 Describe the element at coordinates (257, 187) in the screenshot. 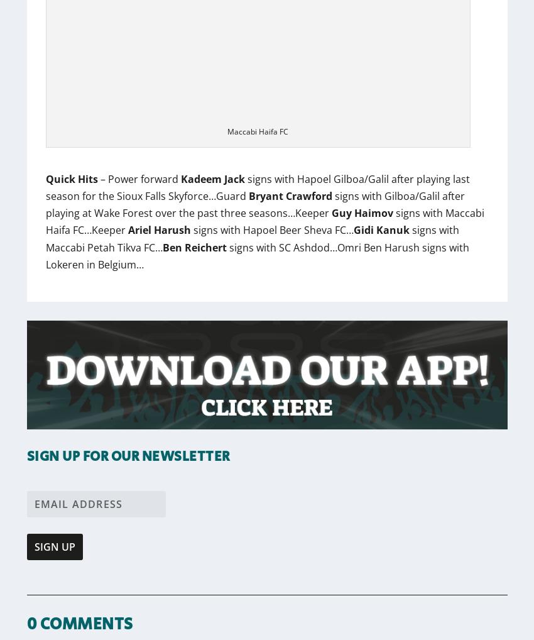

I see `'signs with Hapoel Gilboa/Galil after playing last season for the Sioux Falls Skyforce…Guard'` at that location.